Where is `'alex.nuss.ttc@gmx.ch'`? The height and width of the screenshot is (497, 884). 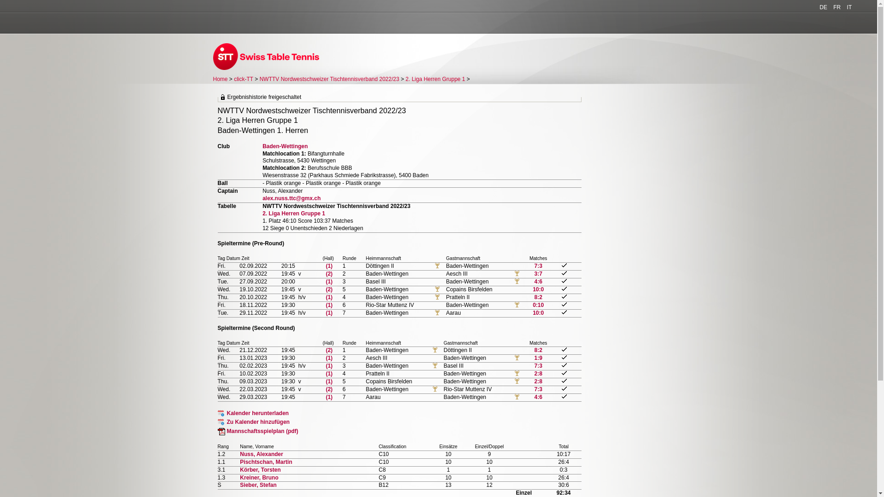 'alex.nuss.ttc@gmx.ch' is located at coordinates (291, 198).